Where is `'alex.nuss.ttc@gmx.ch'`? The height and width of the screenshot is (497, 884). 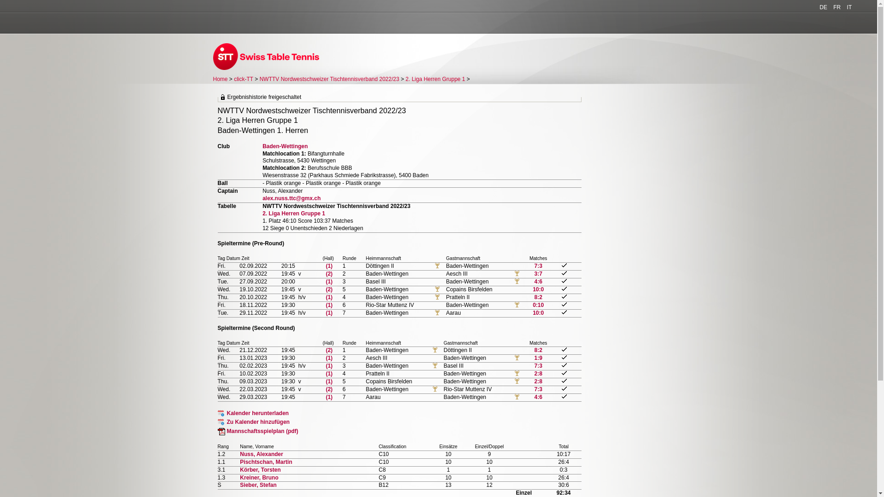 'alex.nuss.ttc@gmx.ch' is located at coordinates (291, 198).